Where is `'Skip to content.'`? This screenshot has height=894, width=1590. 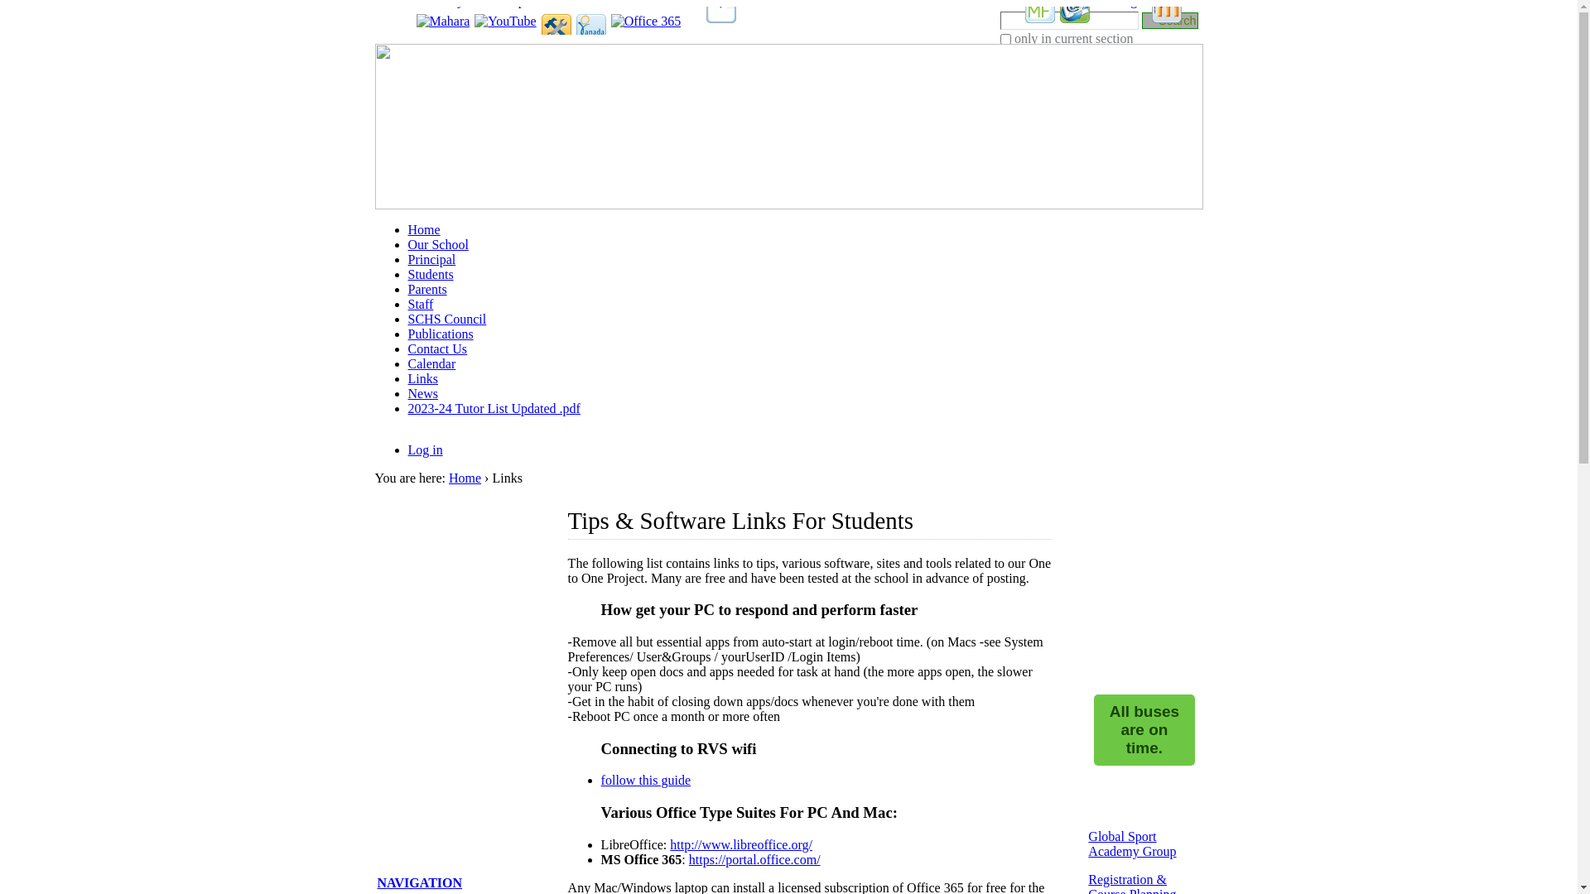
'Skip to content.' is located at coordinates (394, 27).